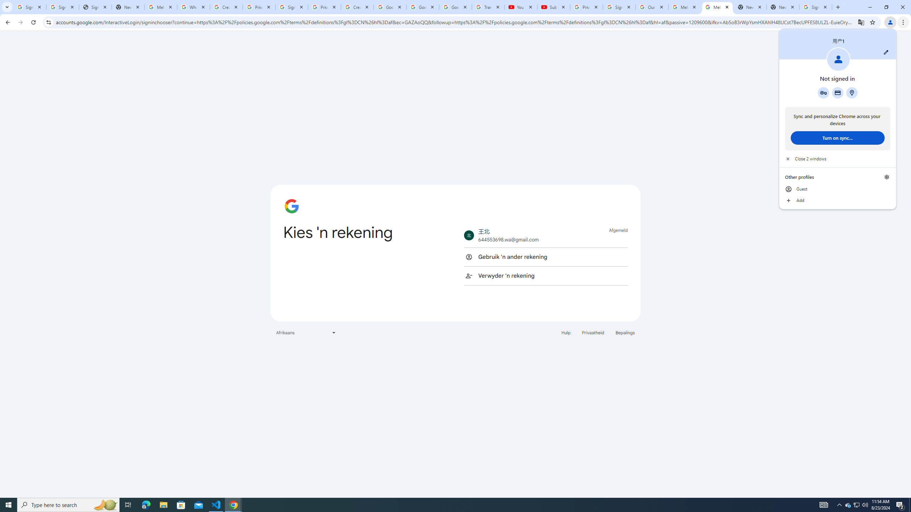  Describe the element at coordinates (163, 504) in the screenshot. I see `'Microsoft Edge'` at that location.